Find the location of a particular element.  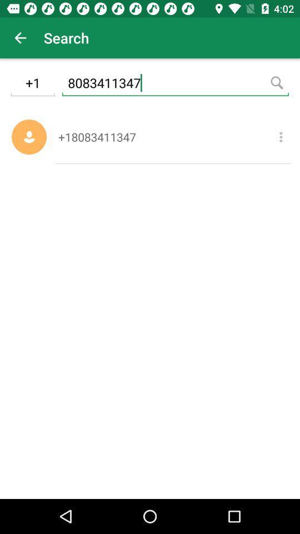

icon next to +1 item is located at coordinates (175, 84).